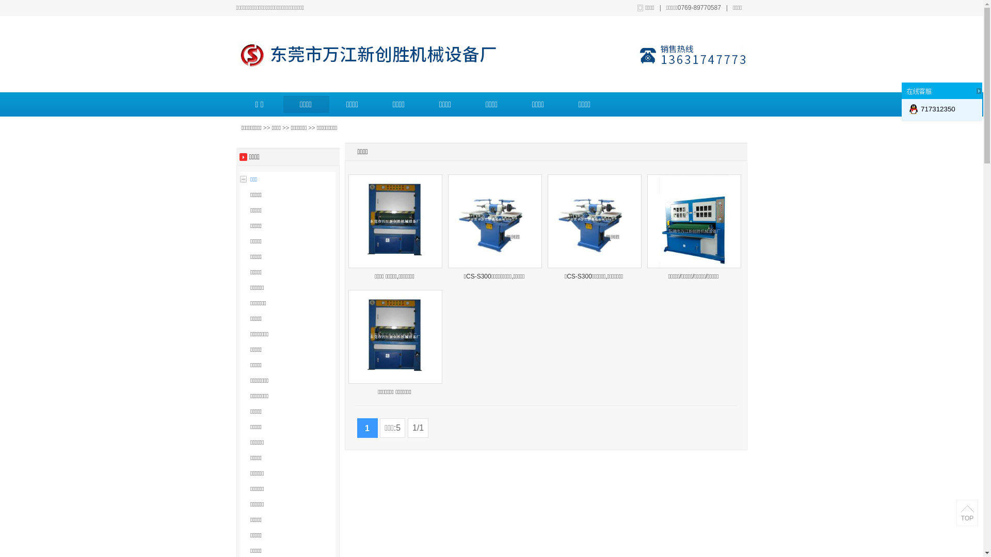  I want to click on 'TOP', so click(966, 518).